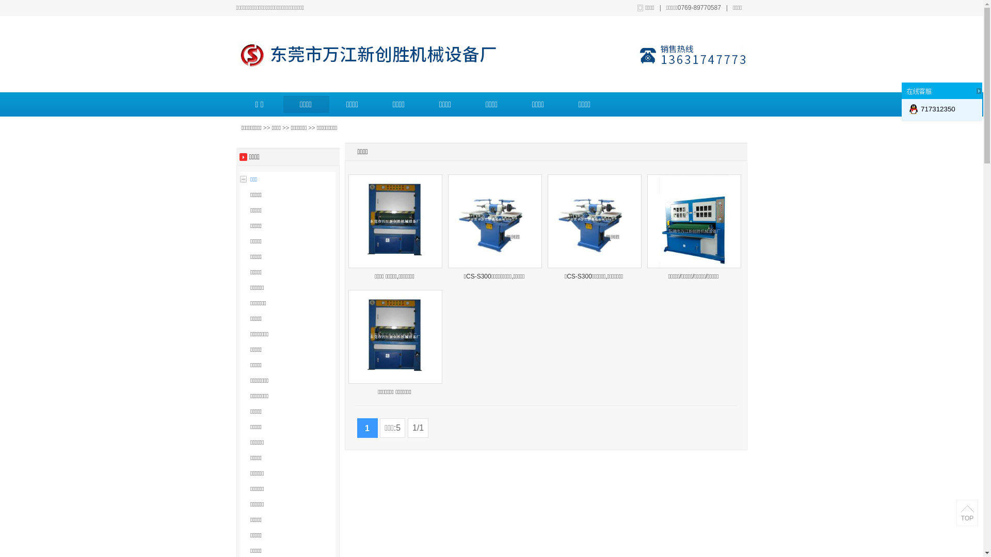  I want to click on 'TOP', so click(966, 518).